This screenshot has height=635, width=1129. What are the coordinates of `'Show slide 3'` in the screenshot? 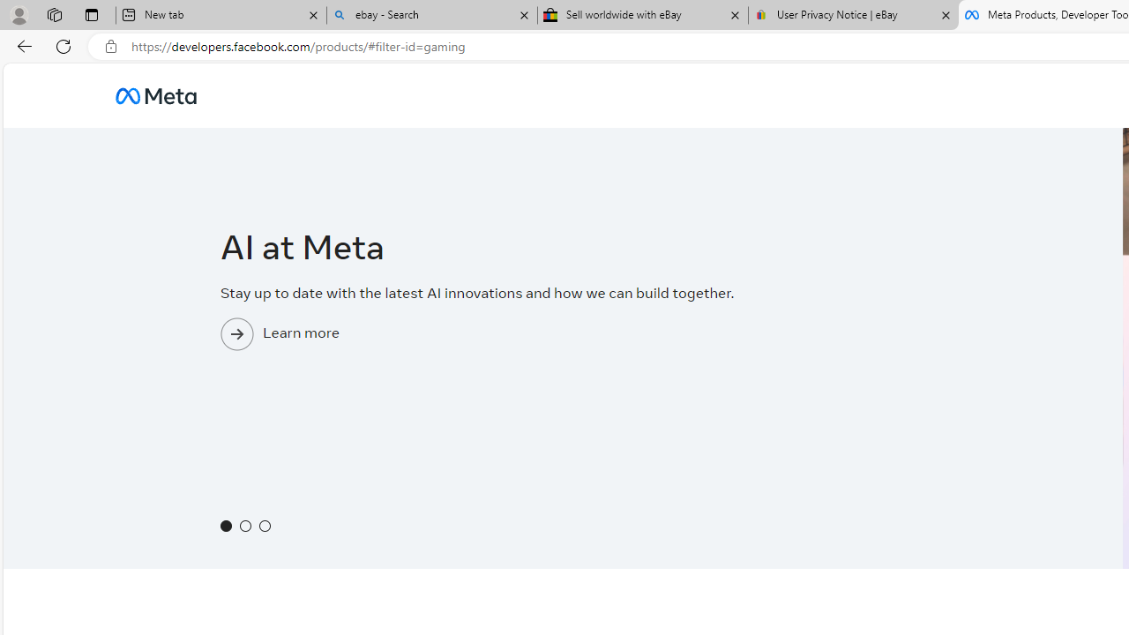 It's located at (265, 525).